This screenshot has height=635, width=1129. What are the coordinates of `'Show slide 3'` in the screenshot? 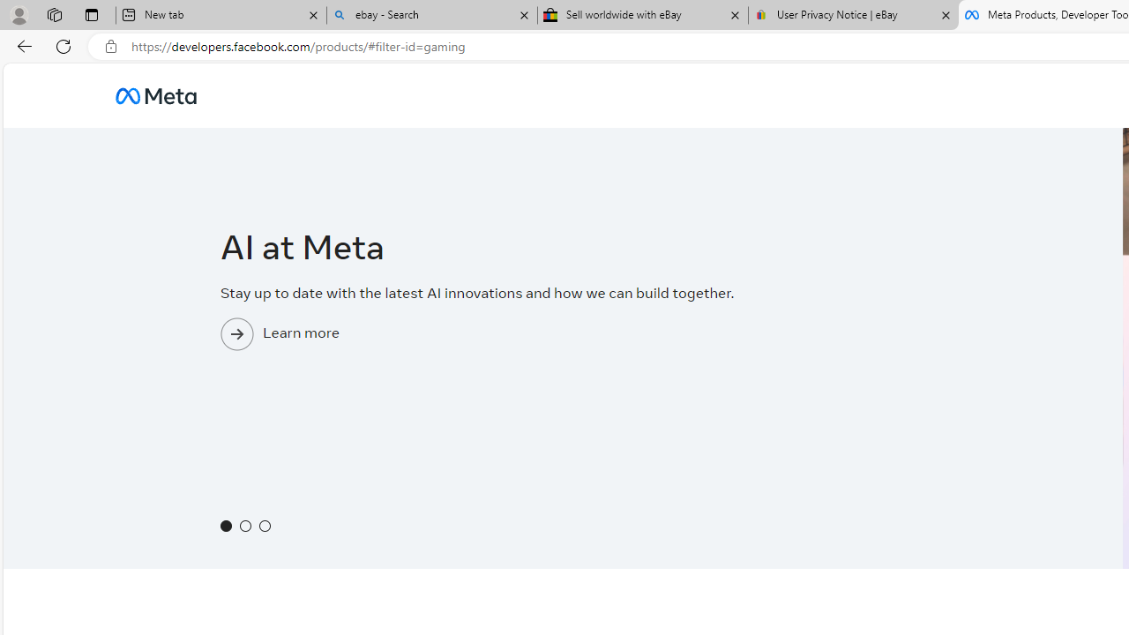 It's located at (265, 525).